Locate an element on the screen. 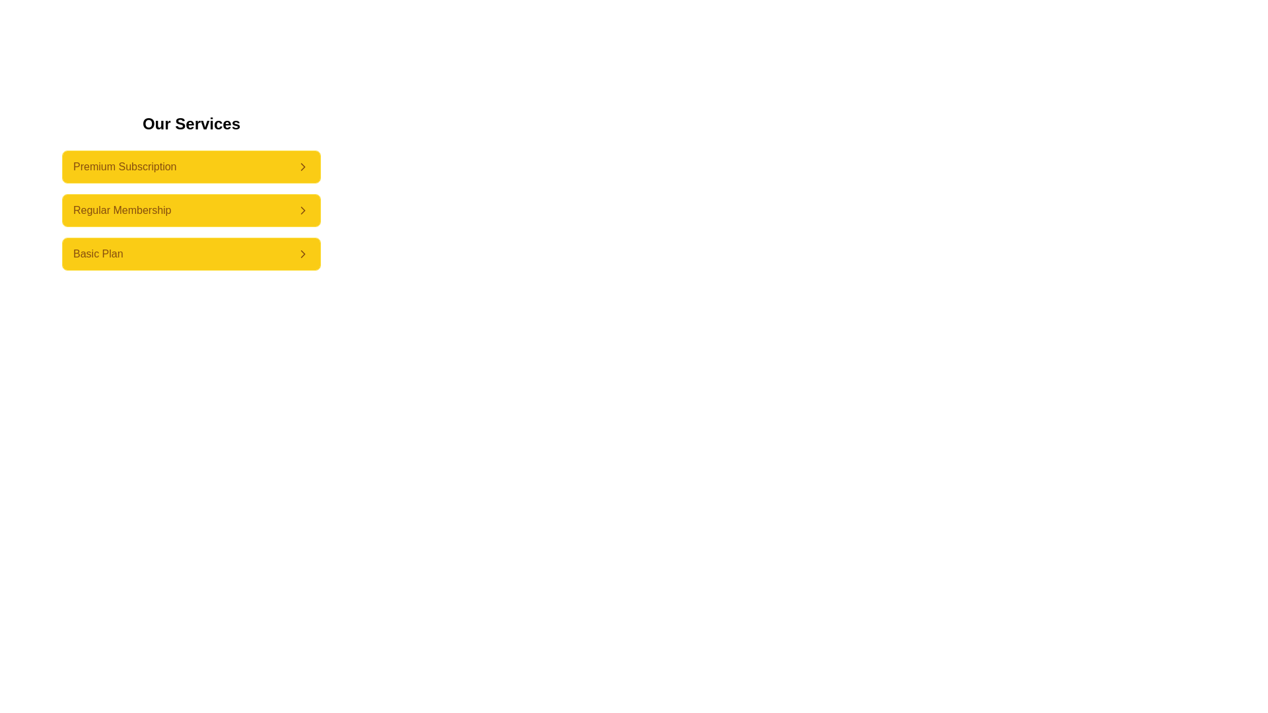 Image resolution: width=1268 pixels, height=713 pixels. the right-pointing chevron icon located at the mid-right portion of the 'Regular Membership' button is located at coordinates (302, 210).